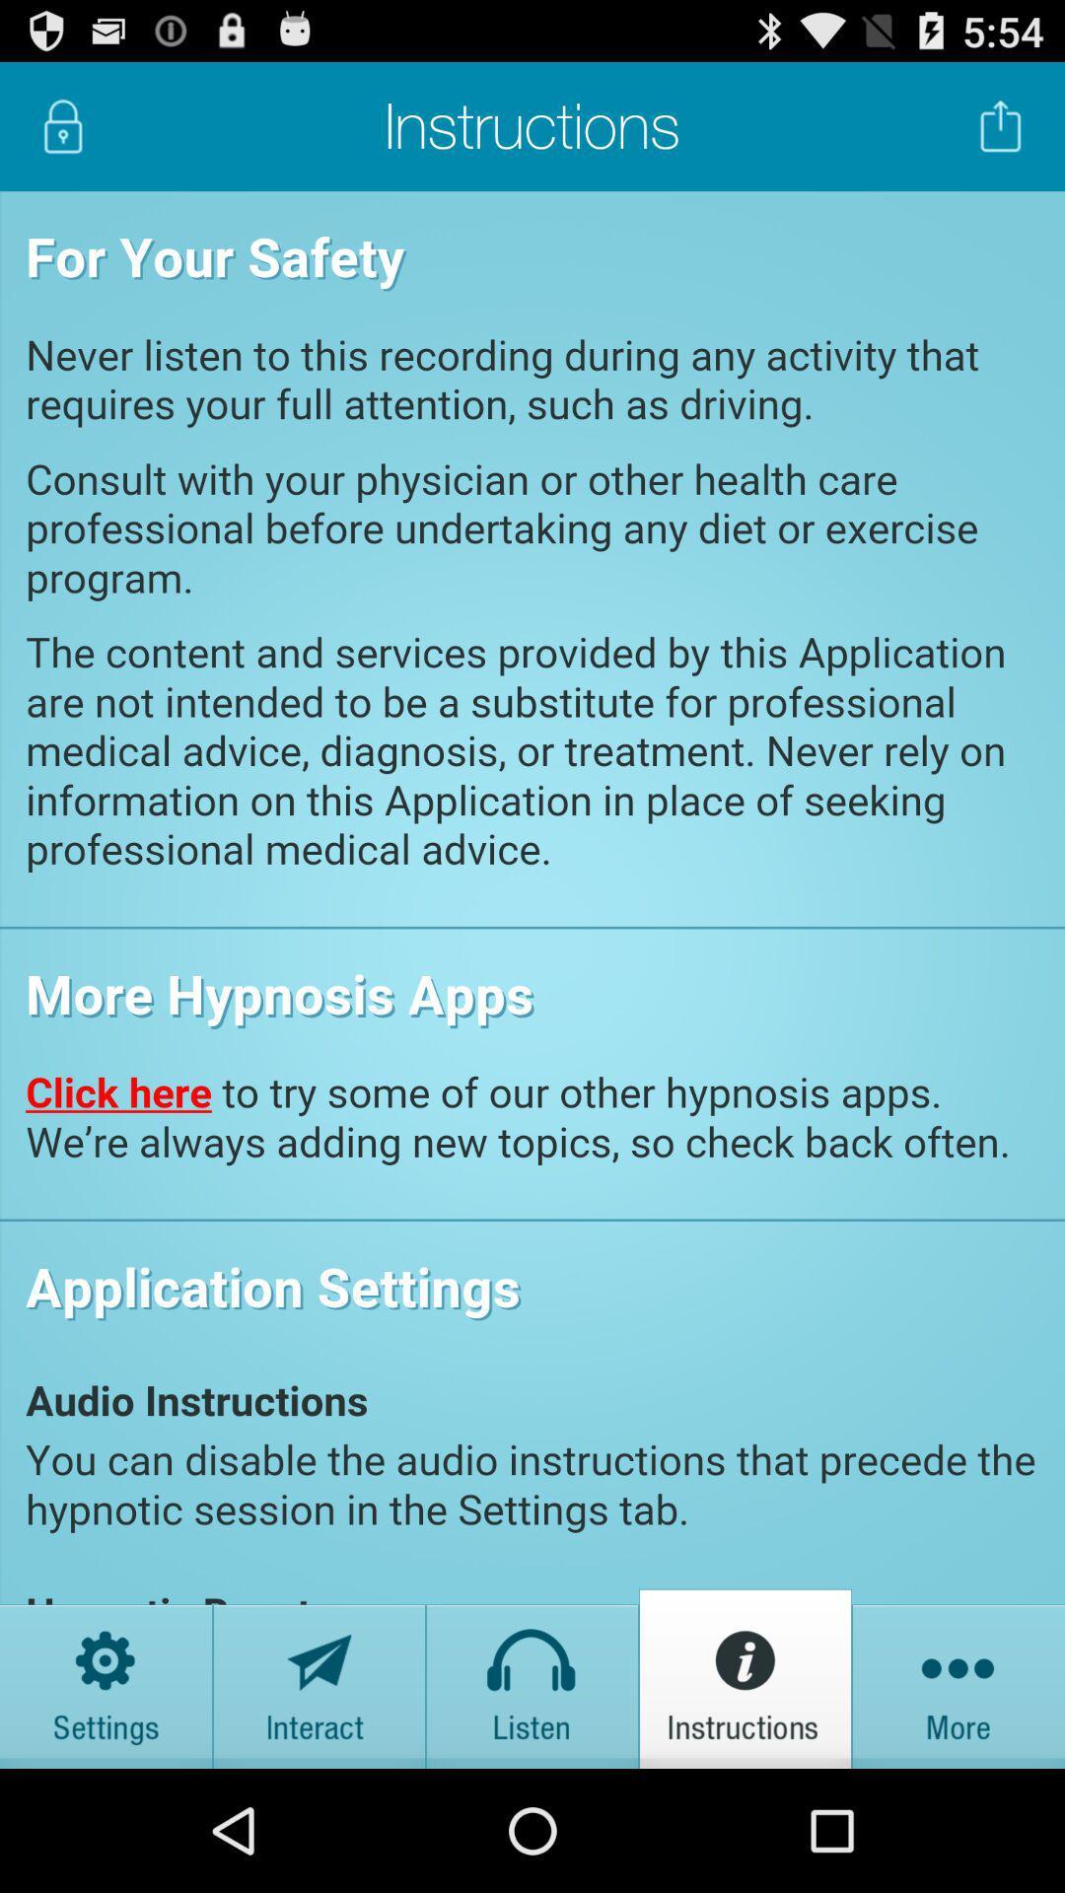 The image size is (1065, 1893). What do you see at coordinates (532, 1677) in the screenshot?
I see `listen option` at bounding box center [532, 1677].